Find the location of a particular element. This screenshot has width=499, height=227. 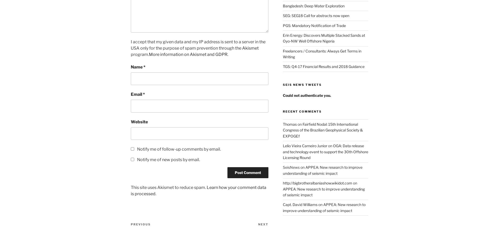

'Could not authenticate you.' is located at coordinates (306, 95).